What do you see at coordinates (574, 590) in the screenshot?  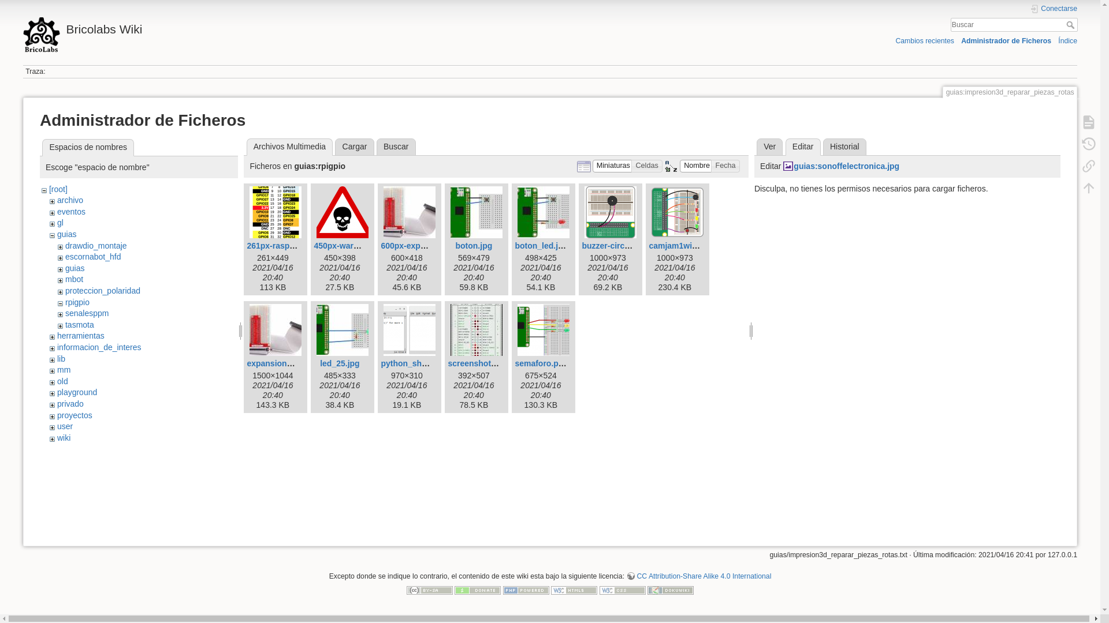 I see `'Valid HTML5'` at bounding box center [574, 590].